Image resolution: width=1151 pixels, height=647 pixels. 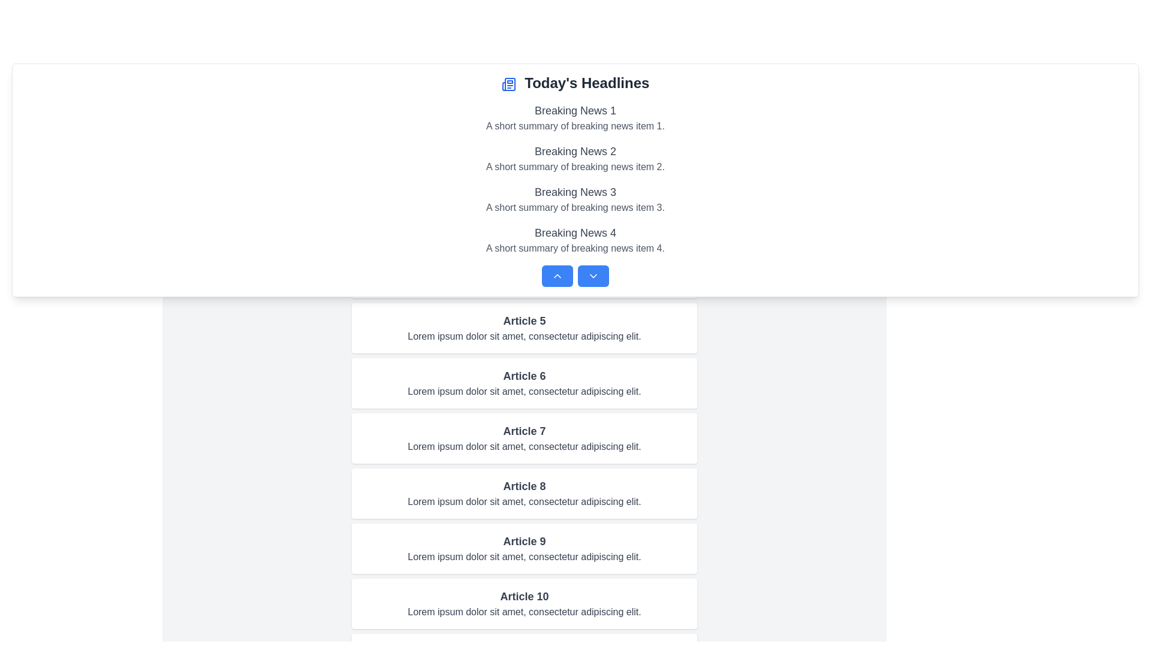 I want to click on the decorative or informational icon located at the top-left area of the header section, which supports the text 'Today's Headlines', so click(x=508, y=83).